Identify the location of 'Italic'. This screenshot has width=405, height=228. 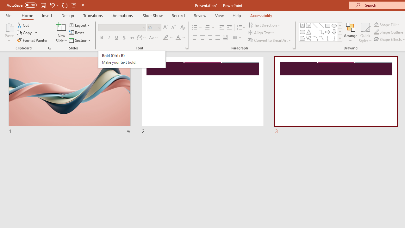
(109, 38).